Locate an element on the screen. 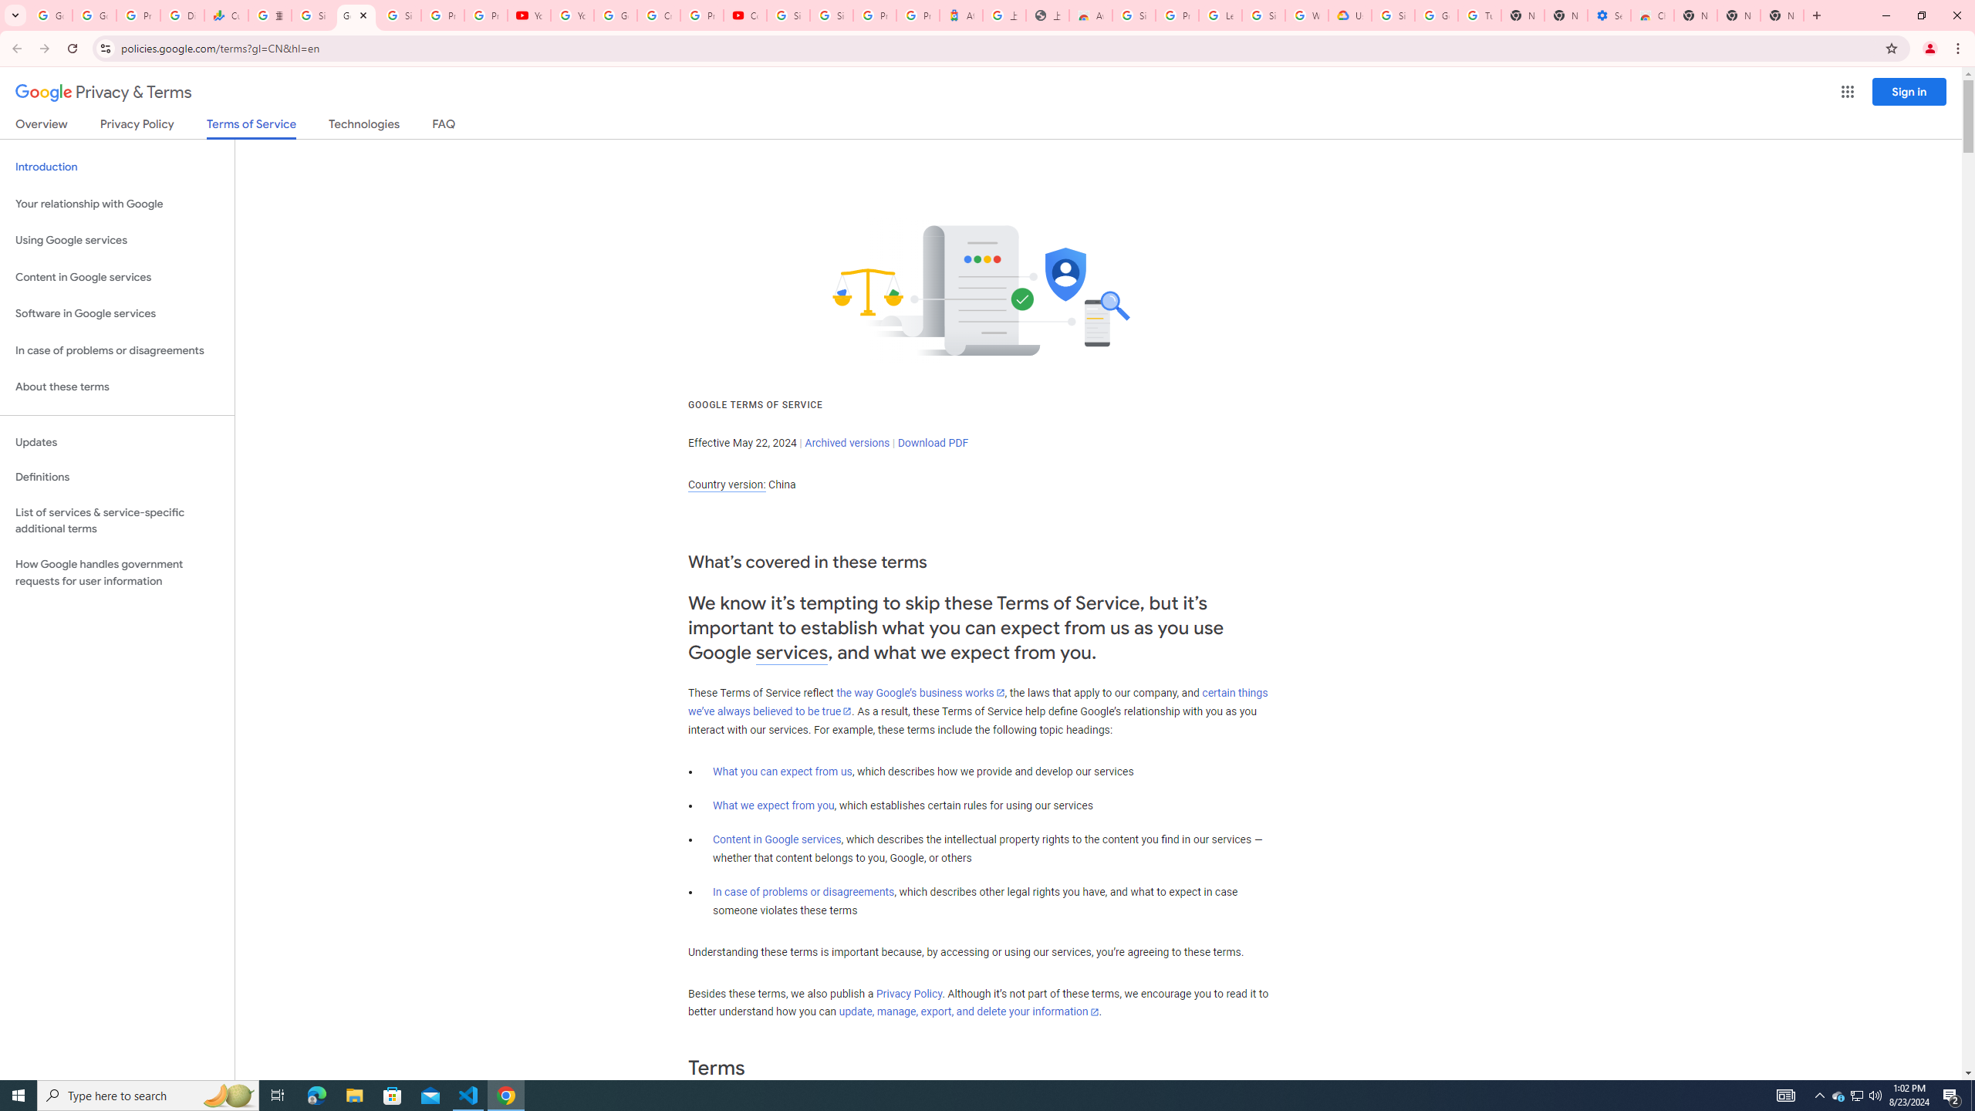  'Awesome Screen Recorder & Screenshot - Chrome Web Store' is located at coordinates (1091, 15).